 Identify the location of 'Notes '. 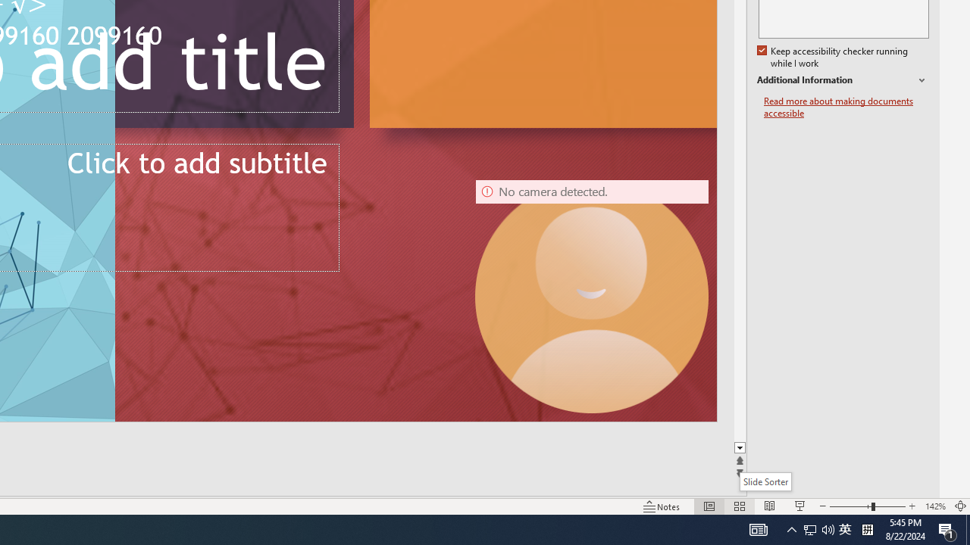
(662, 506).